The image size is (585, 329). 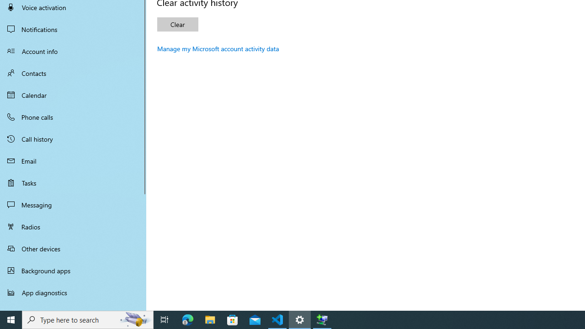 I want to click on 'Tasks', so click(x=73, y=182).